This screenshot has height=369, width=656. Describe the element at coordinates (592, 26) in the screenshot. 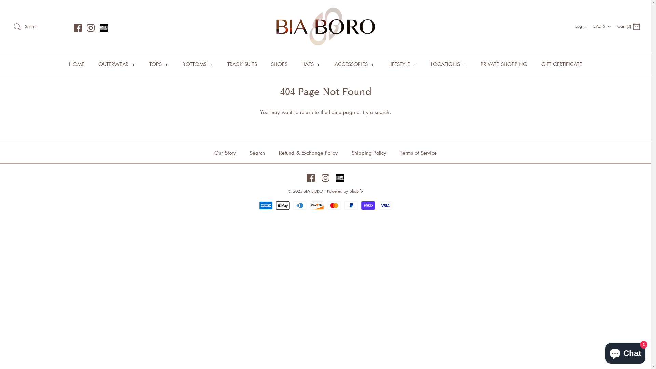

I see `'CAD $` at that location.